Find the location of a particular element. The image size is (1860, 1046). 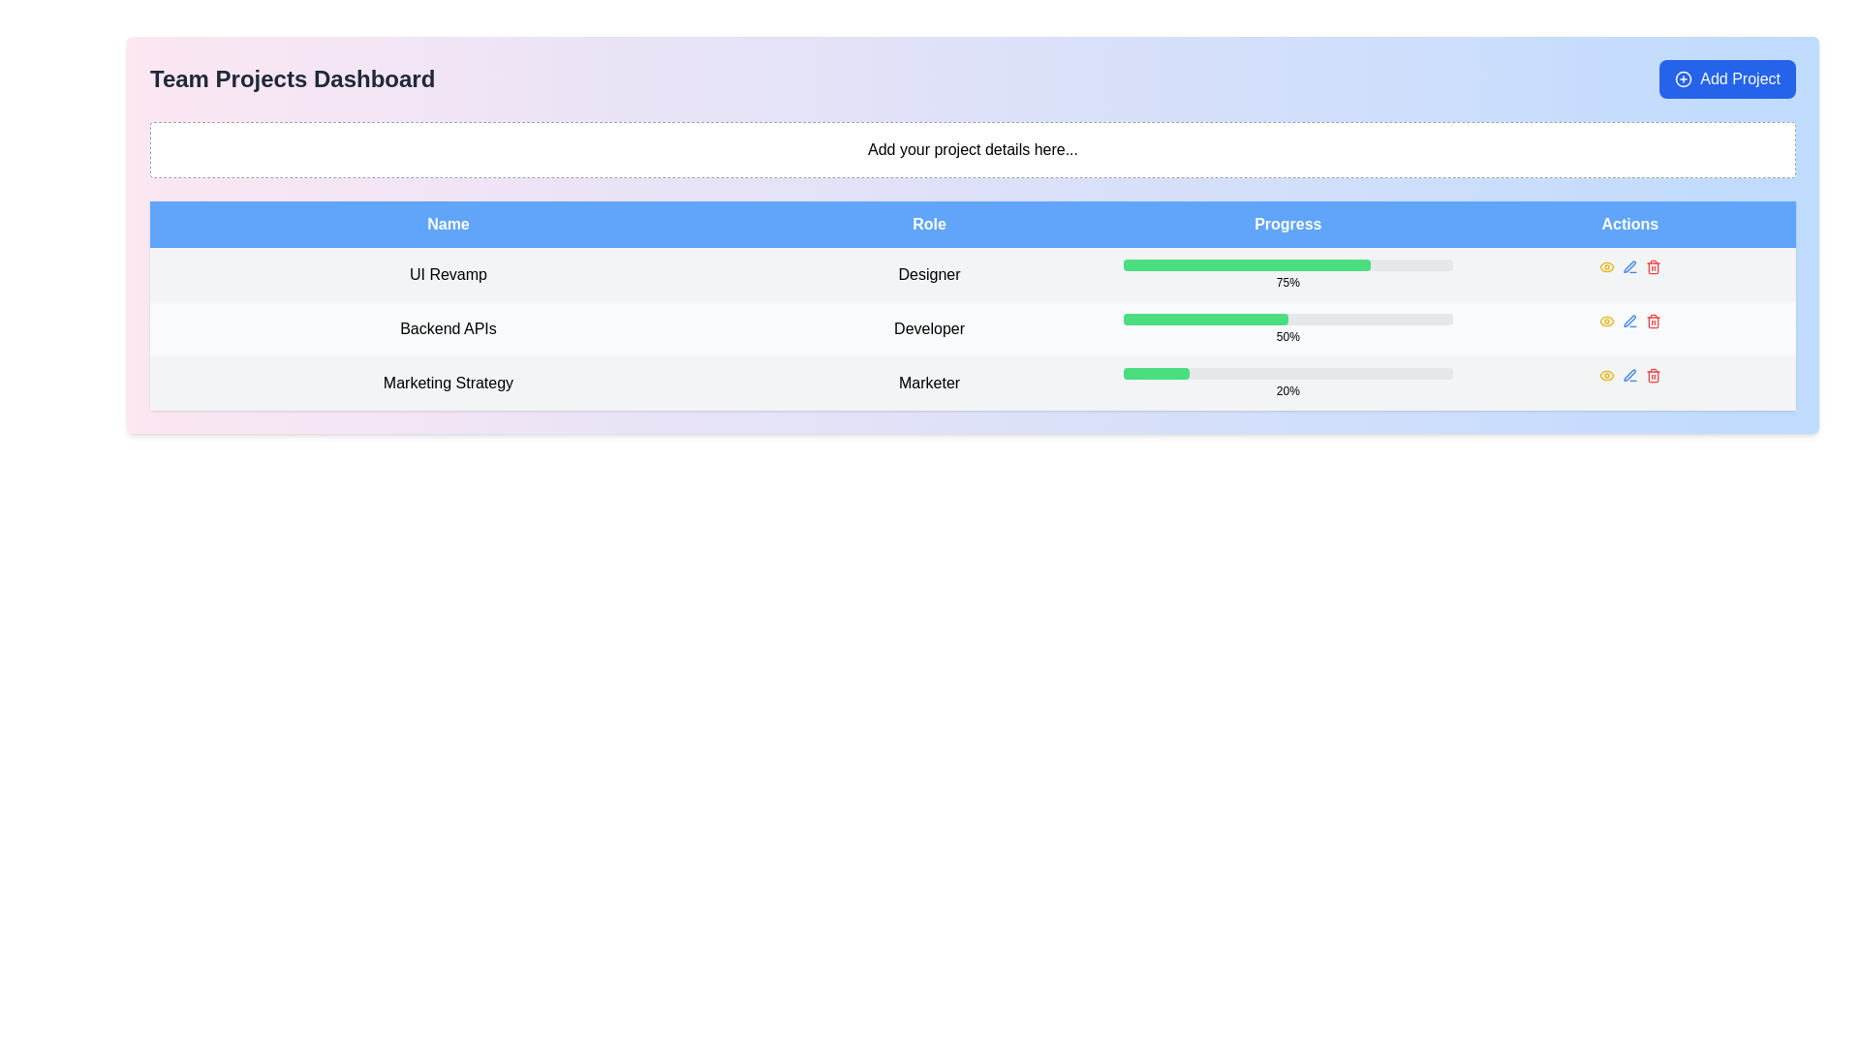

the progress bar with the percentage indicator for the 'Marketing Strategy' project in the 'Progress' column of the 'Team Projects Dashboard' is located at coordinates (1287, 384).